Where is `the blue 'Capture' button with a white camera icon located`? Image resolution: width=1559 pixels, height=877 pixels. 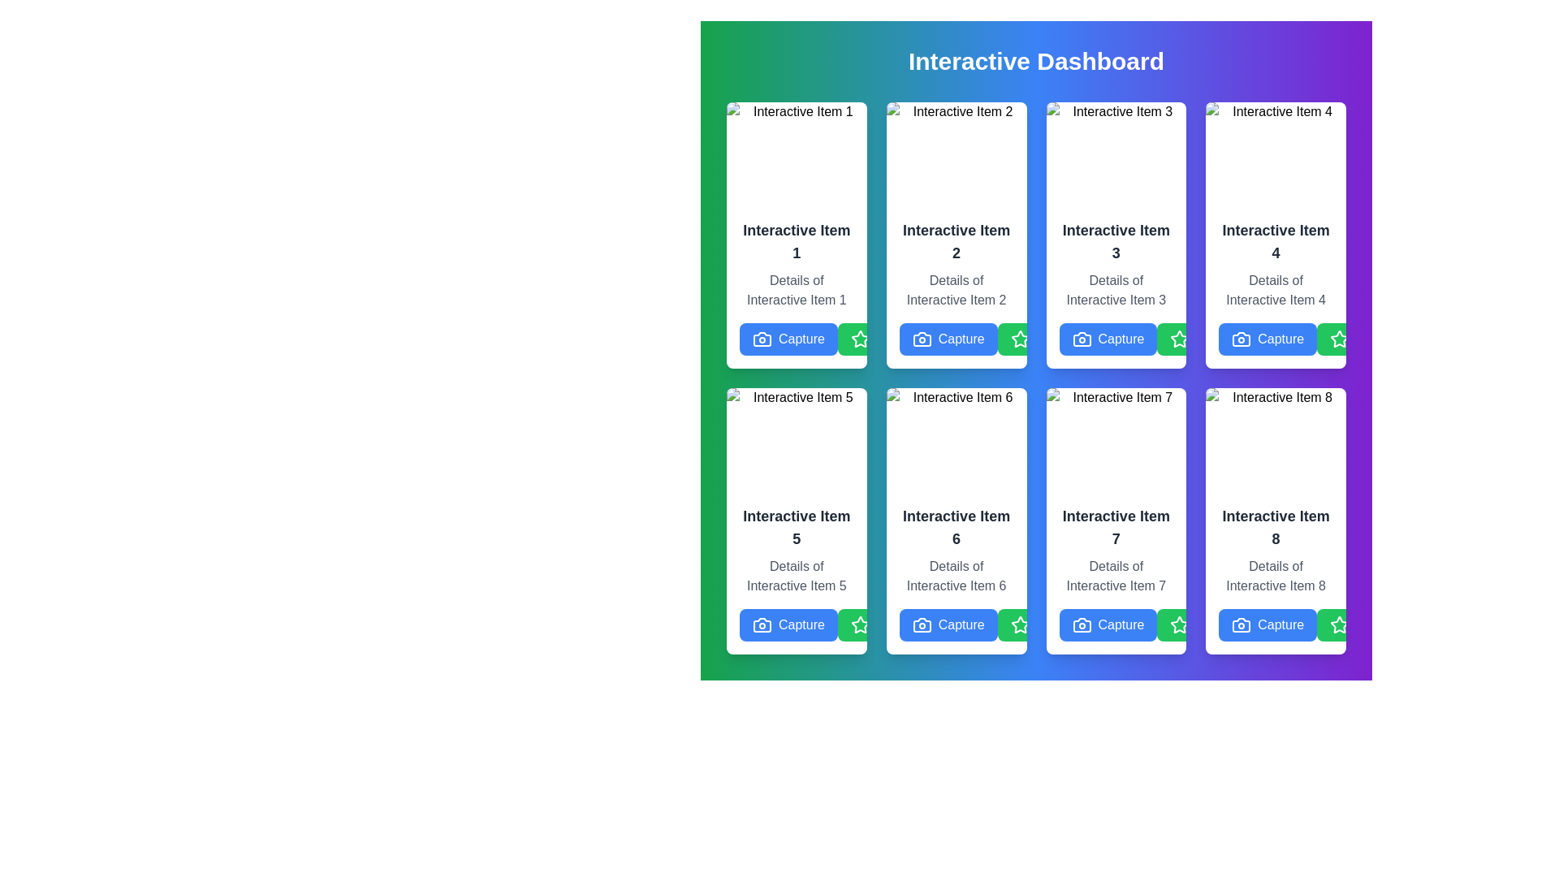 the blue 'Capture' button with a white camera icon located is located at coordinates (1106, 338).